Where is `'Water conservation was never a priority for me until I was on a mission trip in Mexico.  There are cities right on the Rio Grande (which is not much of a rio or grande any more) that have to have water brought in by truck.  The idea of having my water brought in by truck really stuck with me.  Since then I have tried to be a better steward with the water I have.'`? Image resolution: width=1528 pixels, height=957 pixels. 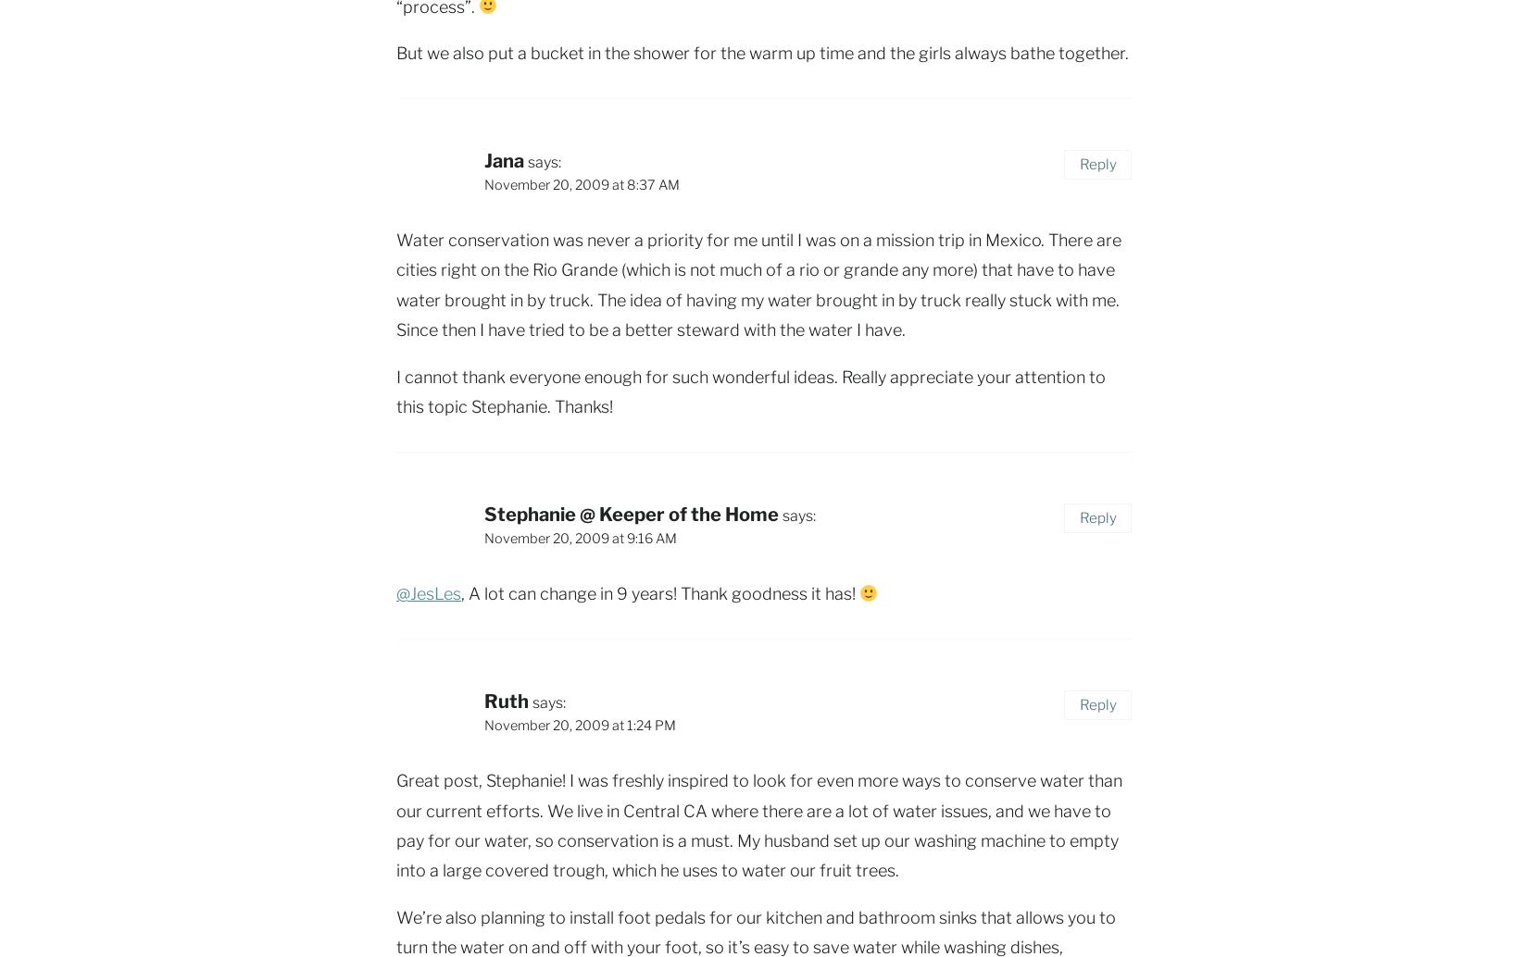 'Water conservation was never a priority for me until I was on a mission trip in Mexico.  There are cities right on the Rio Grande (which is not much of a rio or grande any more) that have to have water brought in by truck.  The idea of having my water brought in by truck really stuck with me.  Since then I have tried to be a better steward with the water I have.' is located at coordinates (758, 284).